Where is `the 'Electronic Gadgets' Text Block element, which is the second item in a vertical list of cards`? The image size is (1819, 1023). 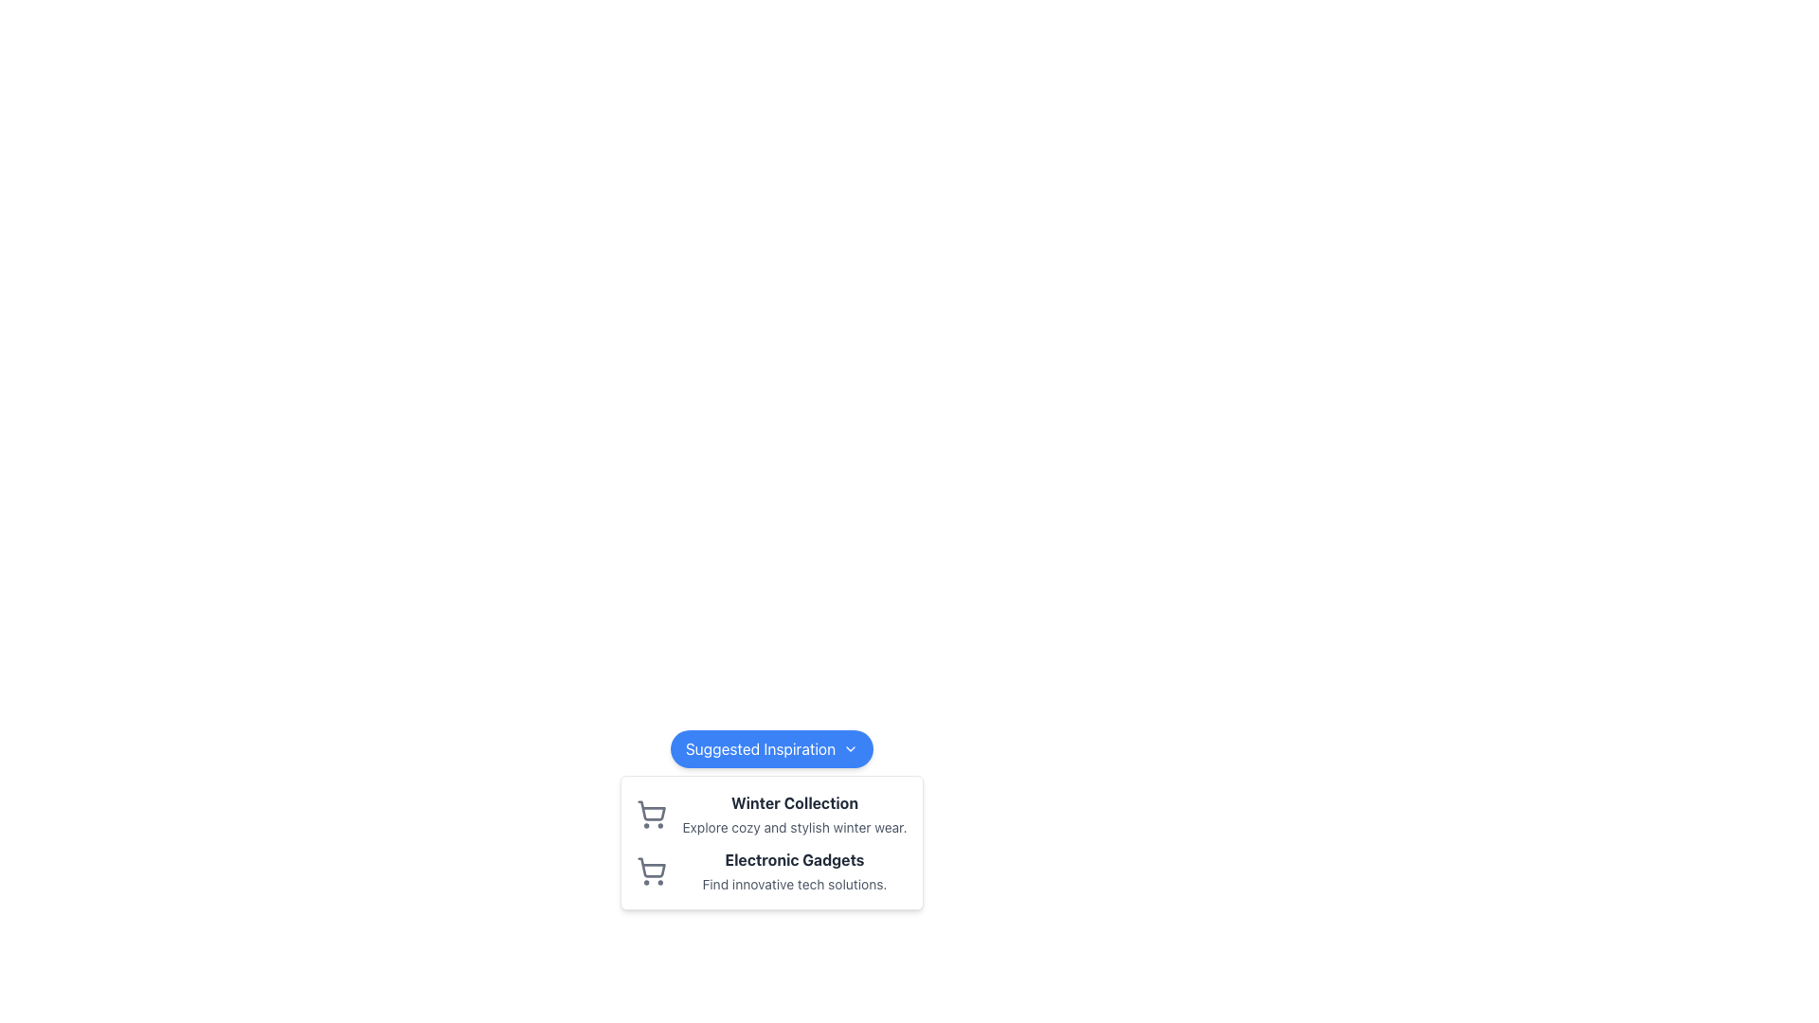 the 'Electronic Gadgets' Text Block element, which is the second item in a vertical list of cards is located at coordinates (795, 871).